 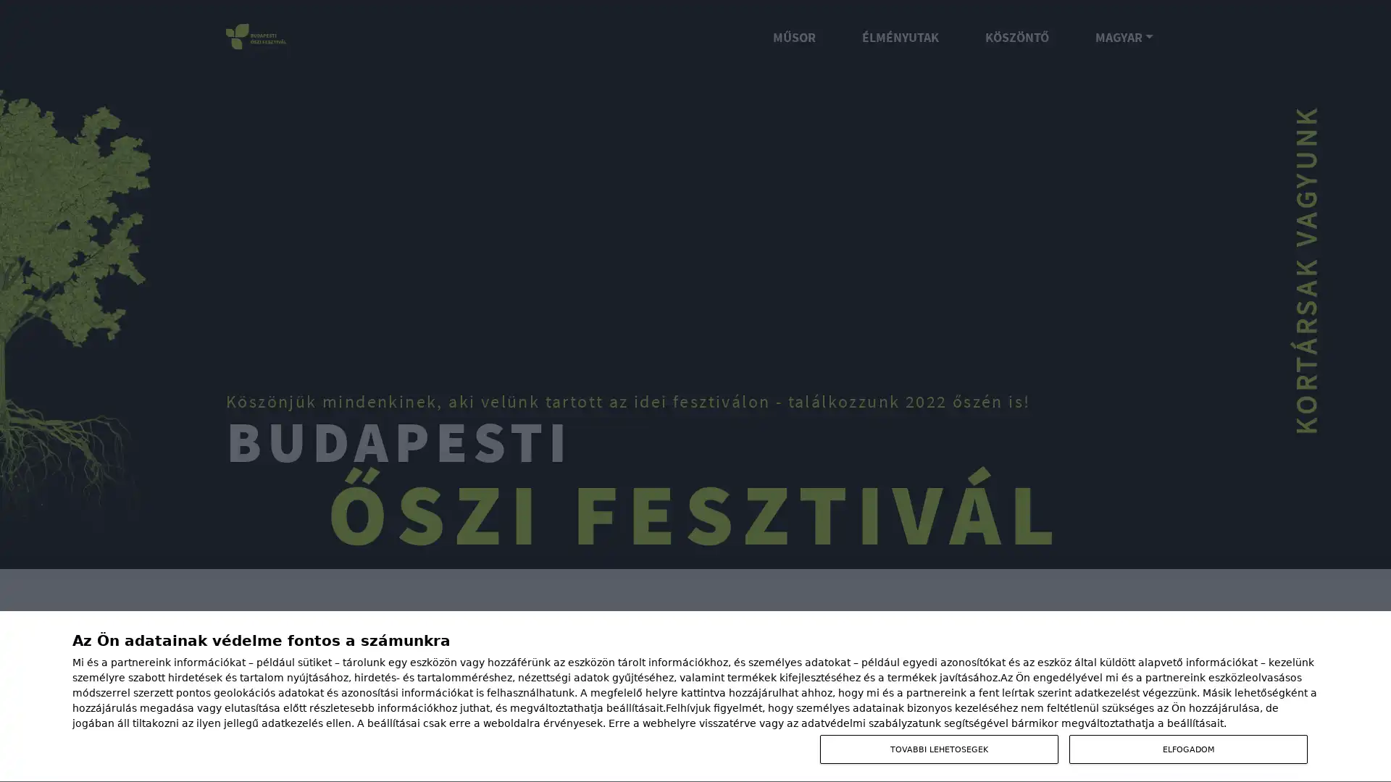 What do you see at coordinates (939, 749) in the screenshot?
I see `TOVABBI LEHETOSEGEK` at bounding box center [939, 749].